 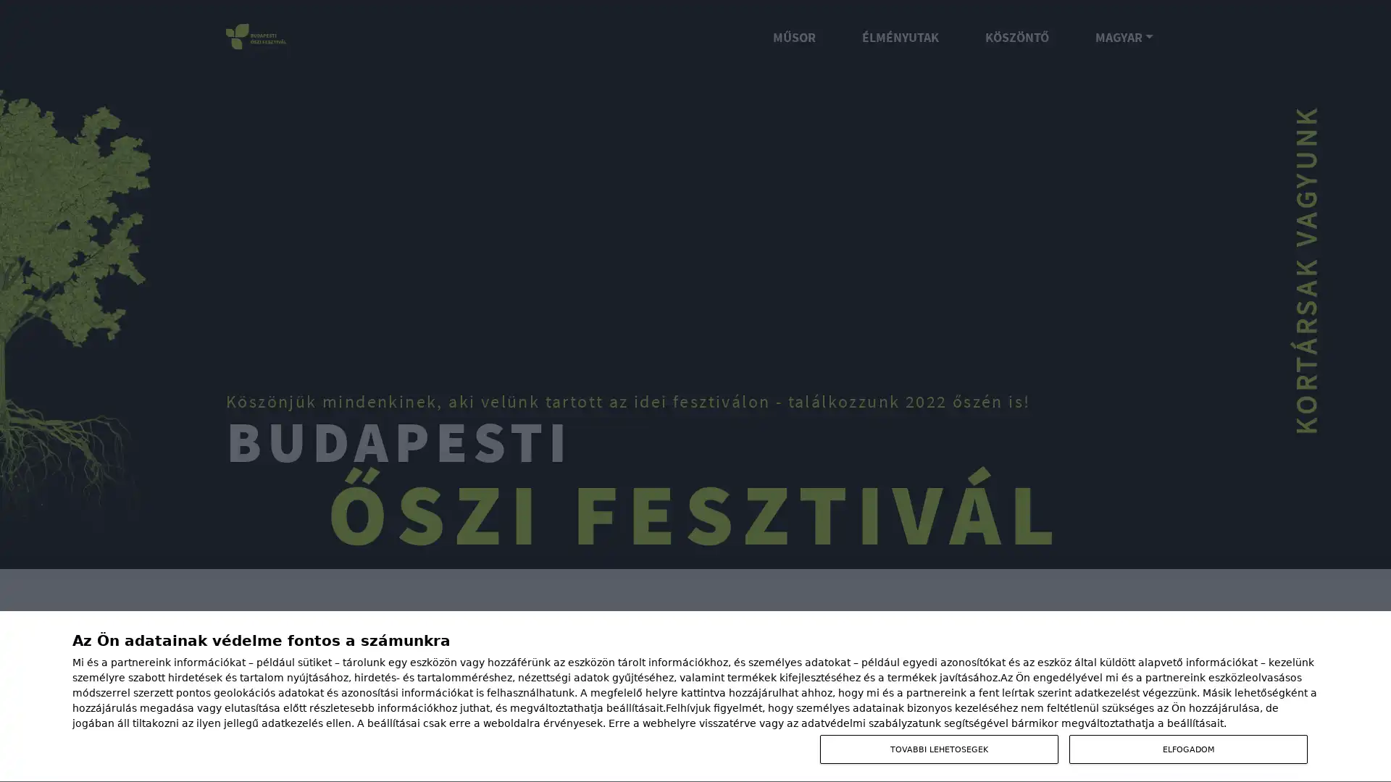 What do you see at coordinates (939, 749) in the screenshot?
I see `TOVABBI LEHETOSEGEK` at bounding box center [939, 749].